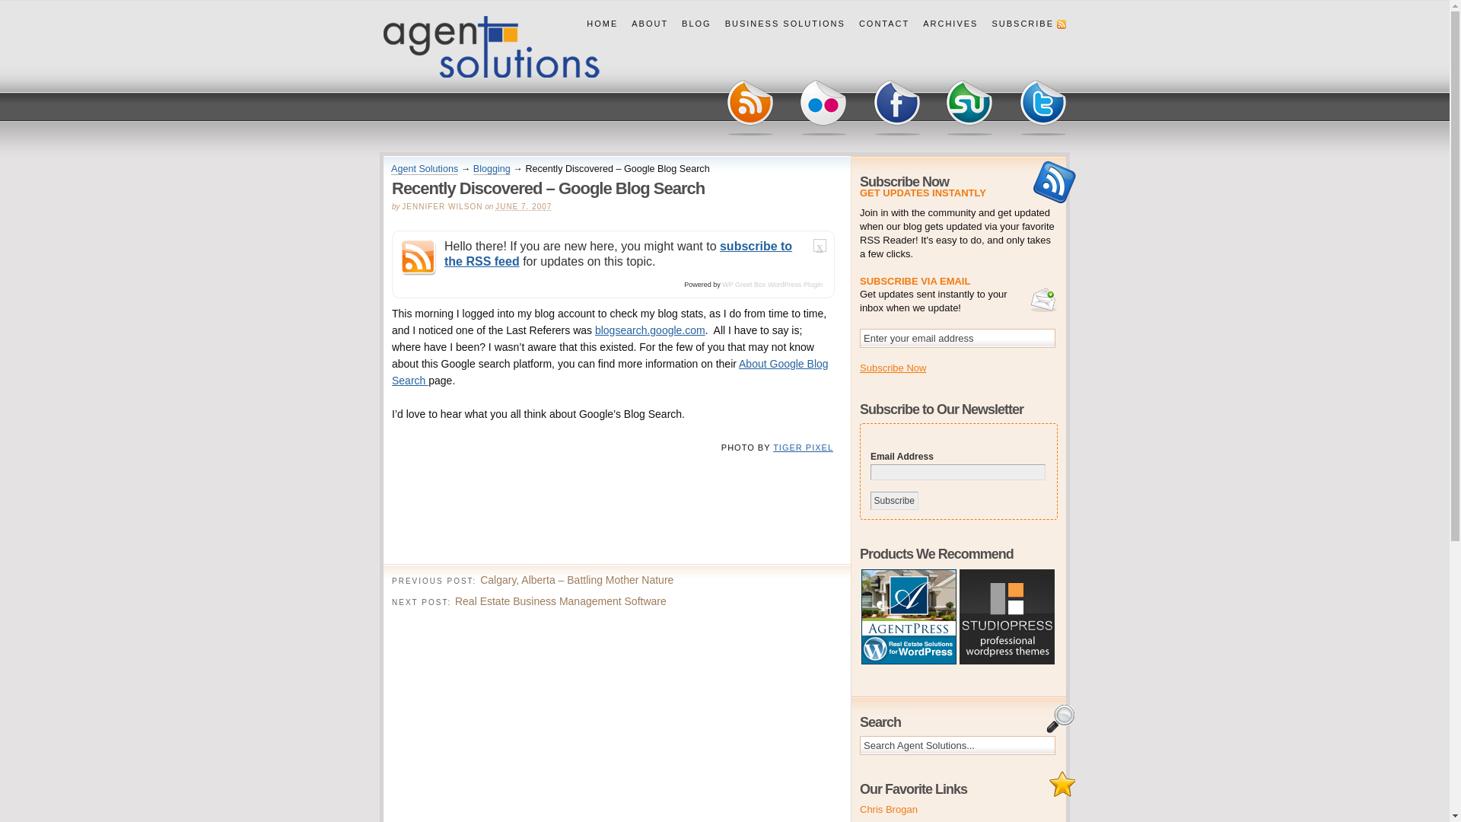  Describe the element at coordinates (969, 107) in the screenshot. I see `'Jennifer Wilson on StumbleUpon'` at that location.